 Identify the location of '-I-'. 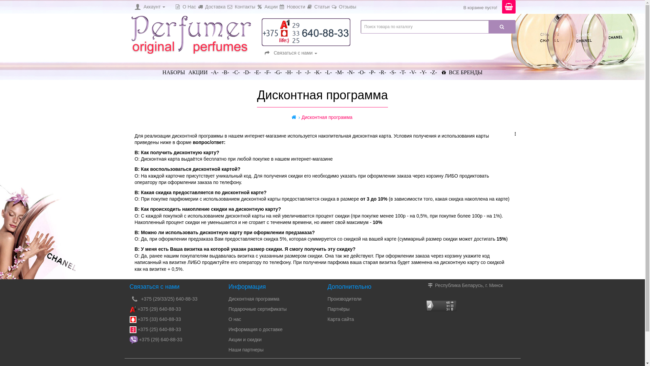
(299, 69).